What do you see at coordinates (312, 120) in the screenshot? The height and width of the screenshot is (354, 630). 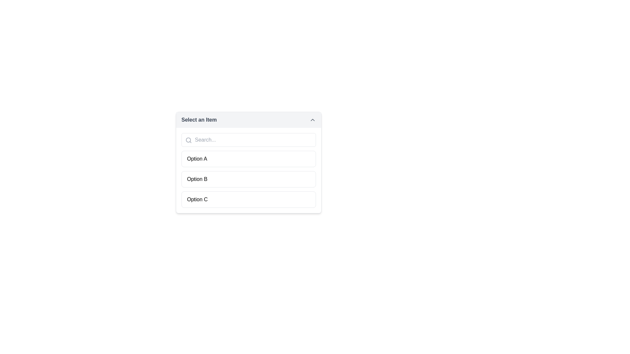 I see `the toggle icon located at the far right of the 'Select an Item' bar` at bounding box center [312, 120].